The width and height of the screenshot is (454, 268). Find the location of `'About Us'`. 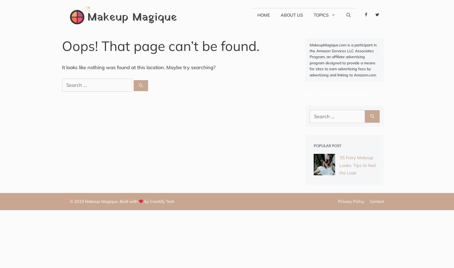

'About Us' is located at coordinates (280, 15).